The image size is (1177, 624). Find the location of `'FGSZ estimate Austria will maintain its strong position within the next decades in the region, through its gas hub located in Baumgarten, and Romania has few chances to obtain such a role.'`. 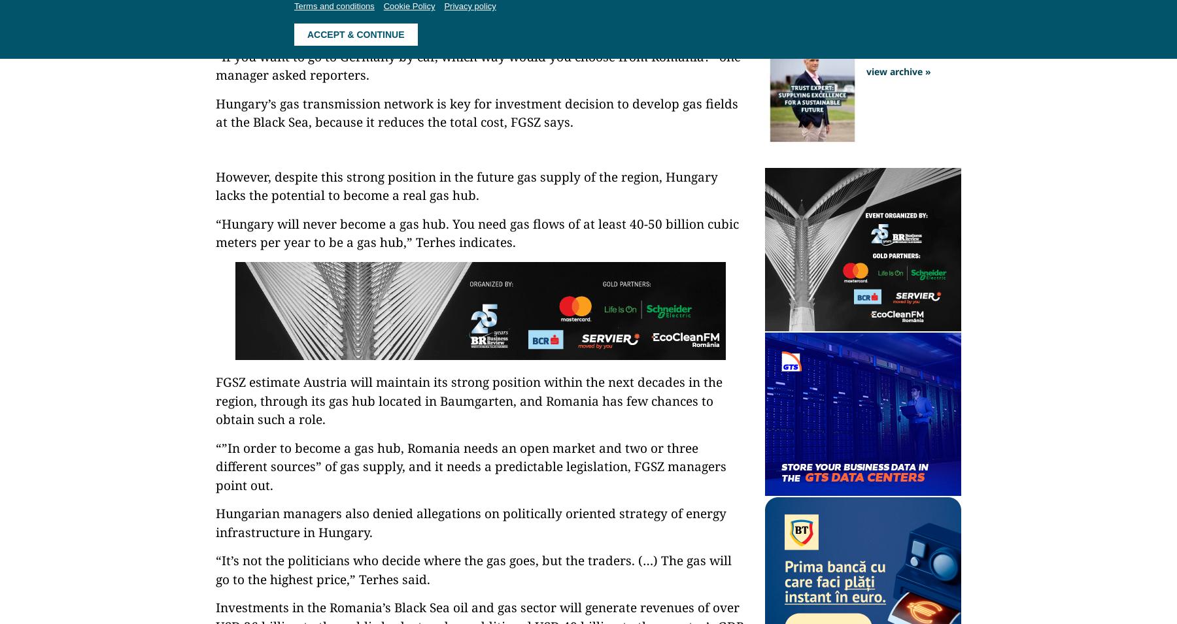

'FGSZ estimate Austria will maintain its strong position within the next decades in the region, through its gas hub located in Baumgarten, and Romania has few chances to obtain such a role.' is located at coordinates (468, 401).